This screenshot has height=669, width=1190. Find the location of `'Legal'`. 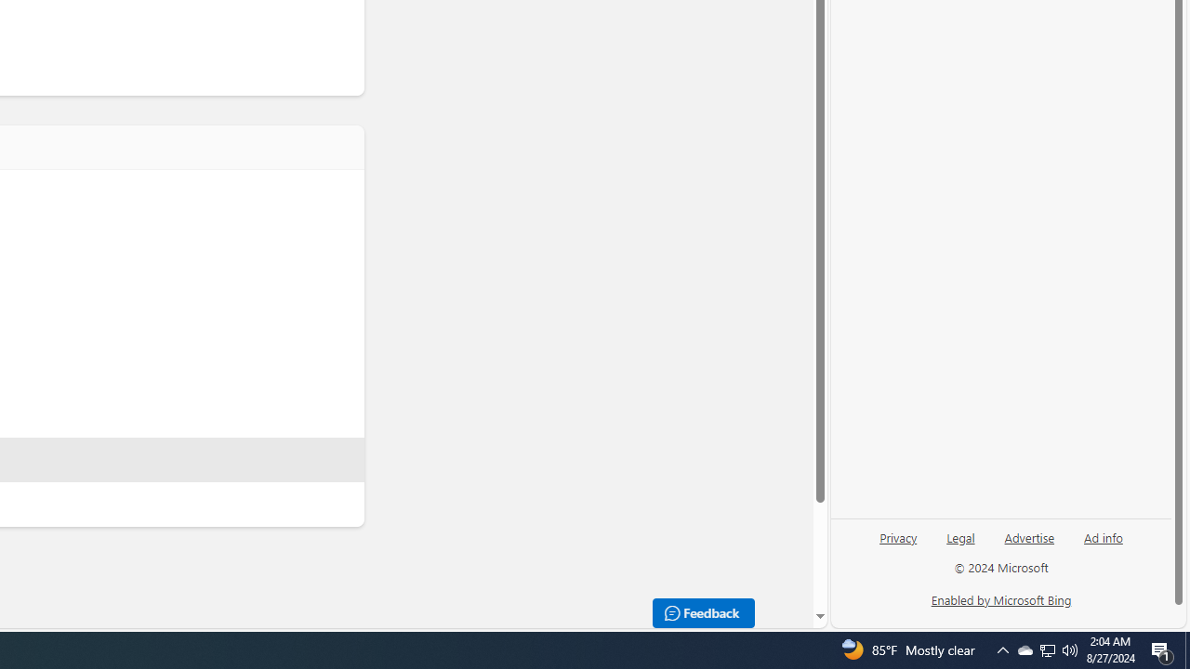

'Legal' is located at coordinates (960, 536).